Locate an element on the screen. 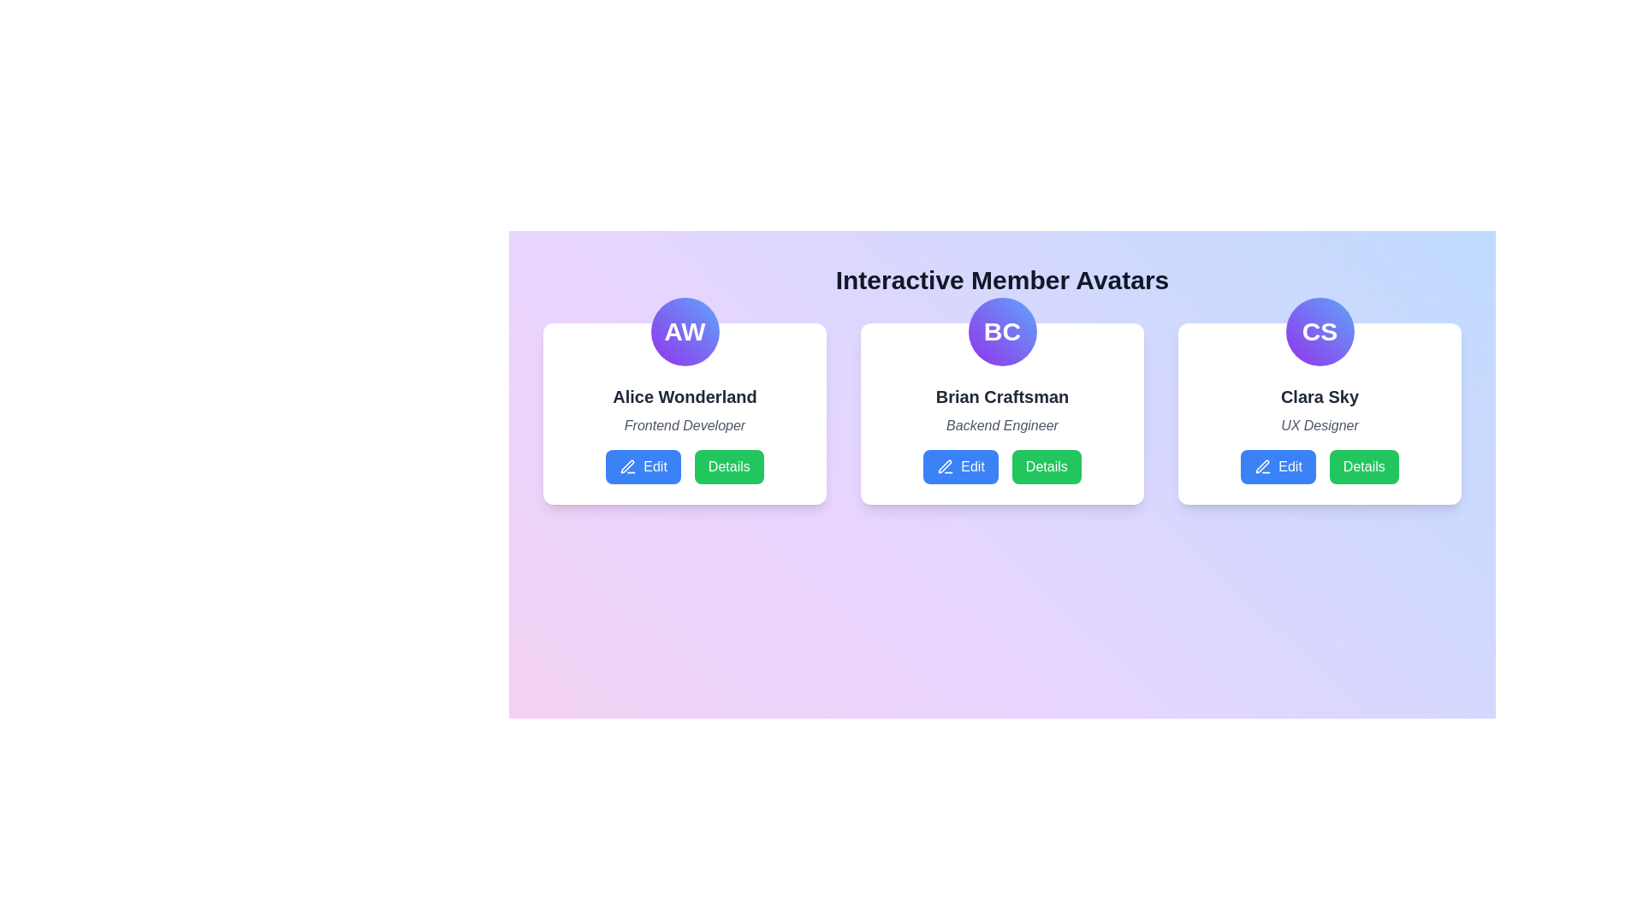 This screenshot has width=1643, height=924. the bold text label 'Alice Wonderland' located within the content card, positioned directly above the job title 'Frontend Developer' is located at coordinates (685, 396).